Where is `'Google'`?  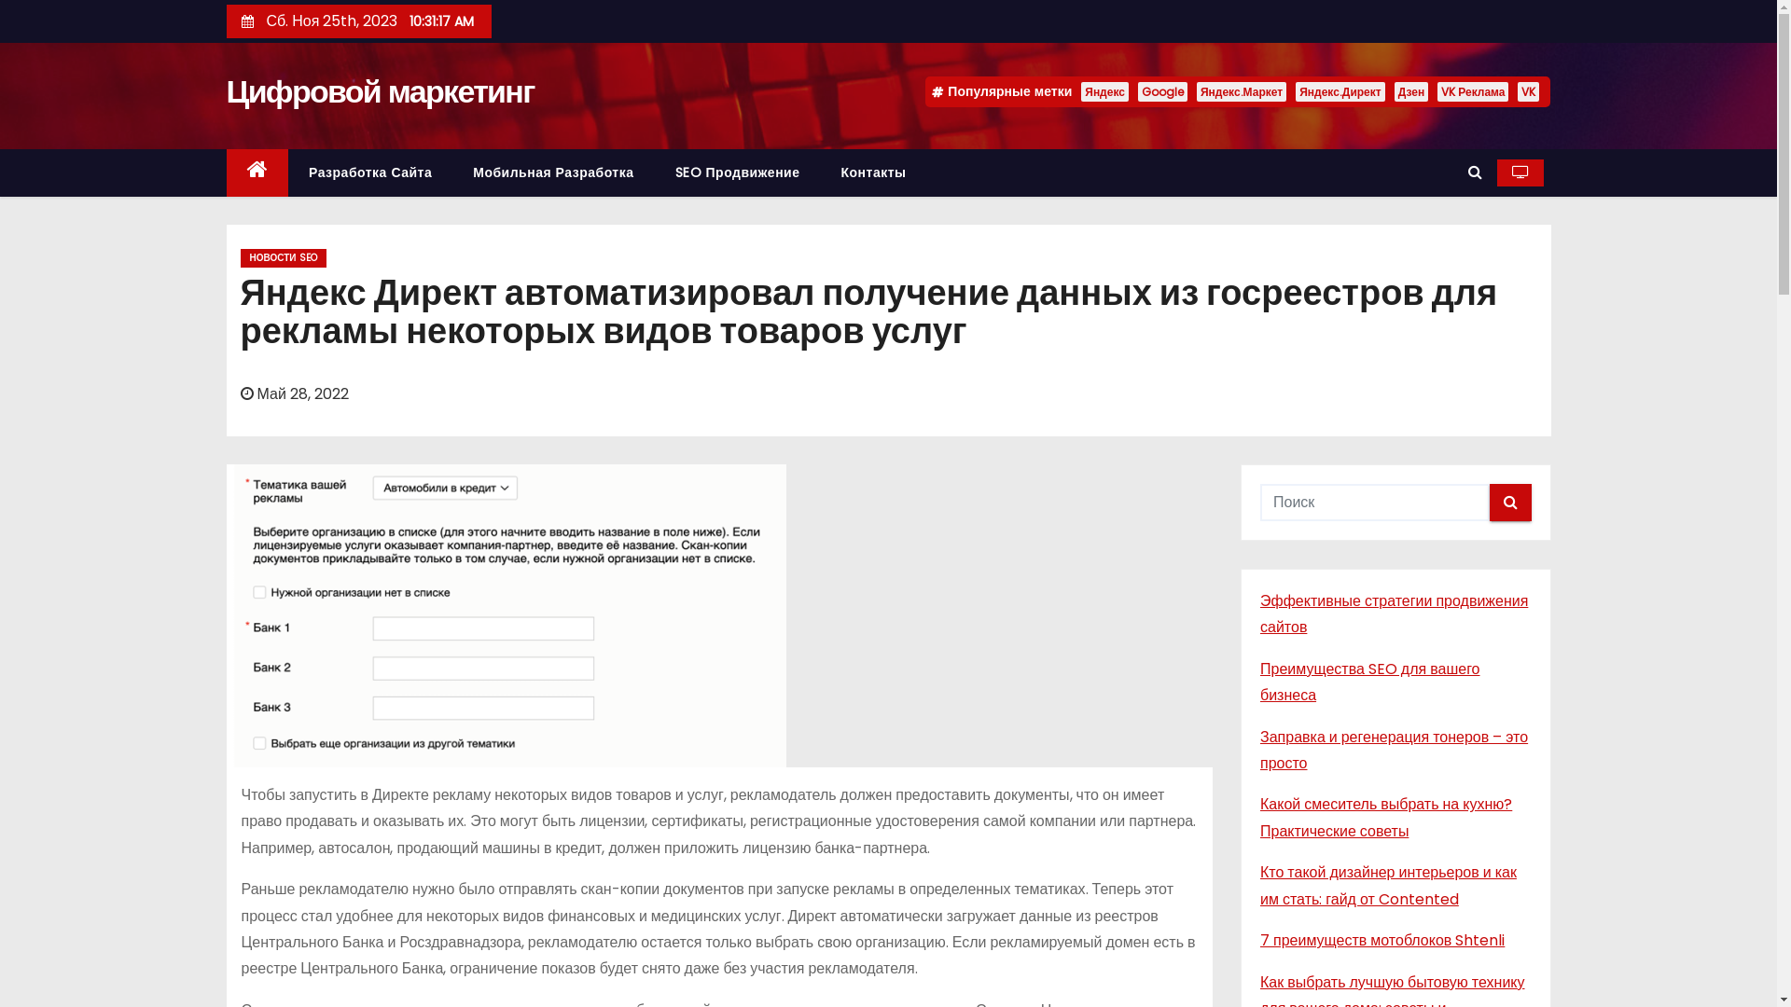 'Google' is located at coordinates (1161, 91).